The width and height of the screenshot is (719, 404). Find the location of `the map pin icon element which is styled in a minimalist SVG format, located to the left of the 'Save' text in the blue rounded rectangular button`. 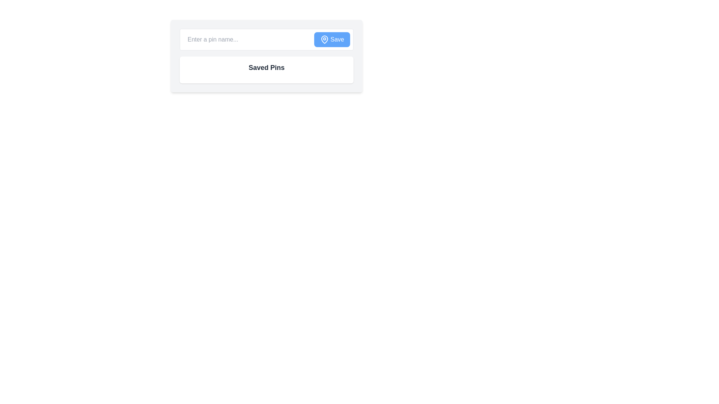

the map pin icon element which is styled in a minimalist SVG format, located to the left of the 'Save' text in the blue rounded rectangular button is located at coordinates (324, 39).